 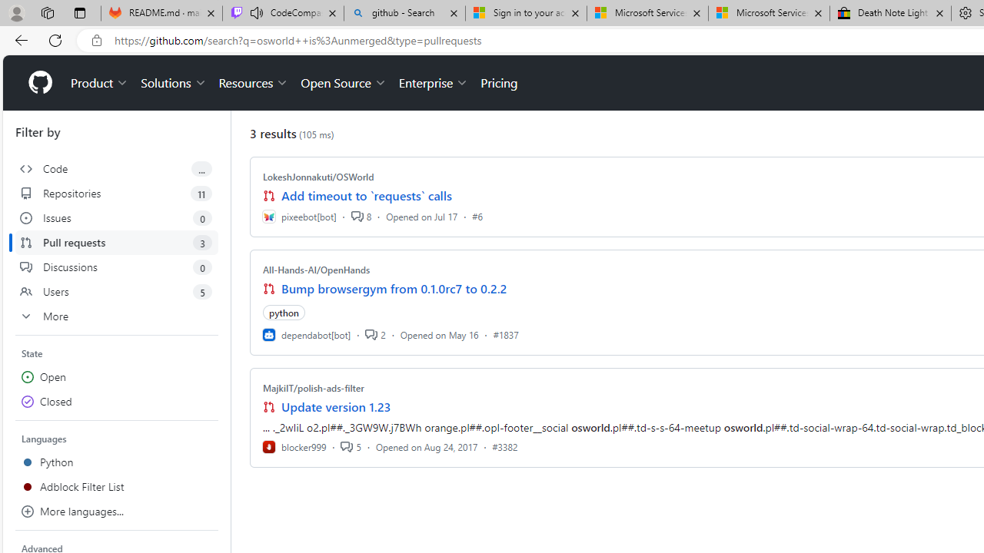 What do you see at coordinates (477, 216) in the screenshot?
I see `'#6'` at bounding box center [477, 216].